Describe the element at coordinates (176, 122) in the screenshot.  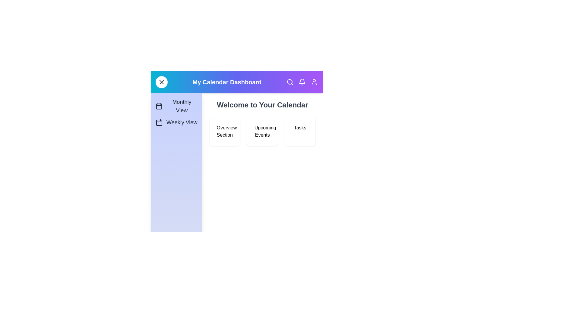
I see `the 'Weekly View' button in the left-side navigation column` at that location.